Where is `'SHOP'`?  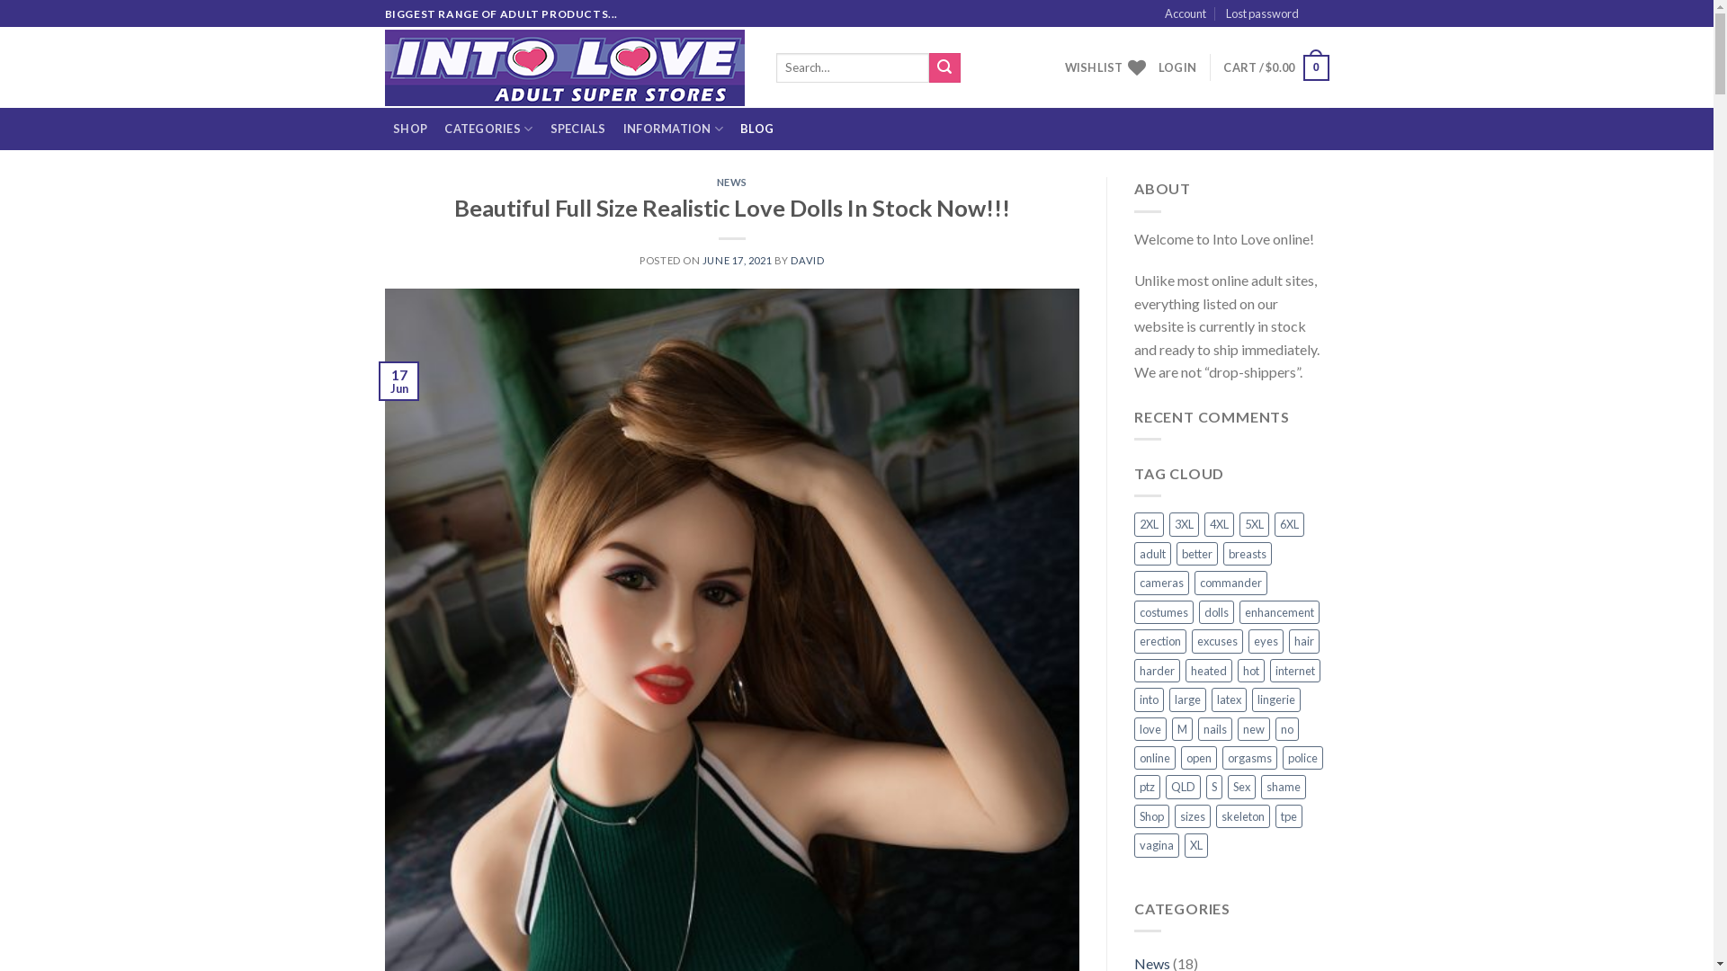 'SHOP' is located at coordinates (409, 128).